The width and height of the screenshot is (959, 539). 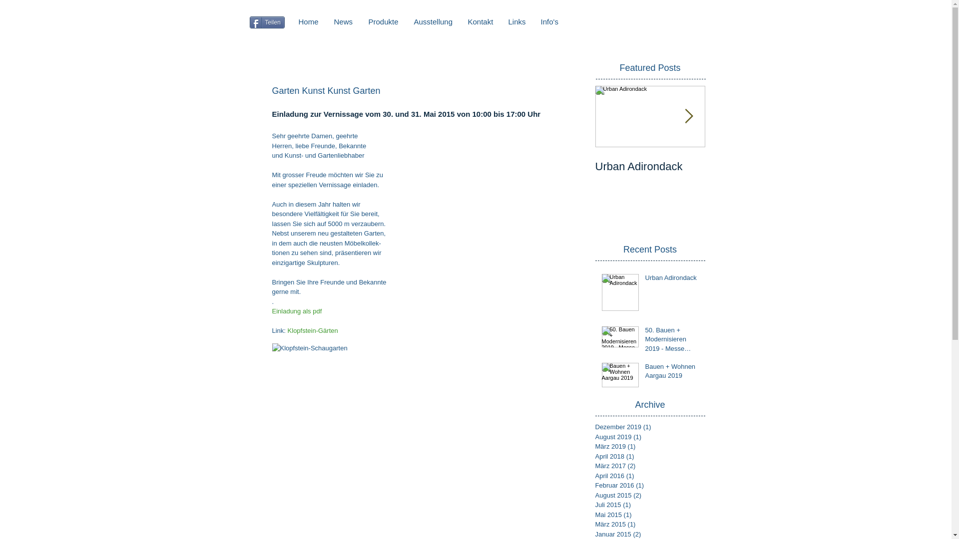 What do you see at coordinates (647, 436) in the screenshot?
I see `'August 2019 (1)'` at bounding box center [647, 436].